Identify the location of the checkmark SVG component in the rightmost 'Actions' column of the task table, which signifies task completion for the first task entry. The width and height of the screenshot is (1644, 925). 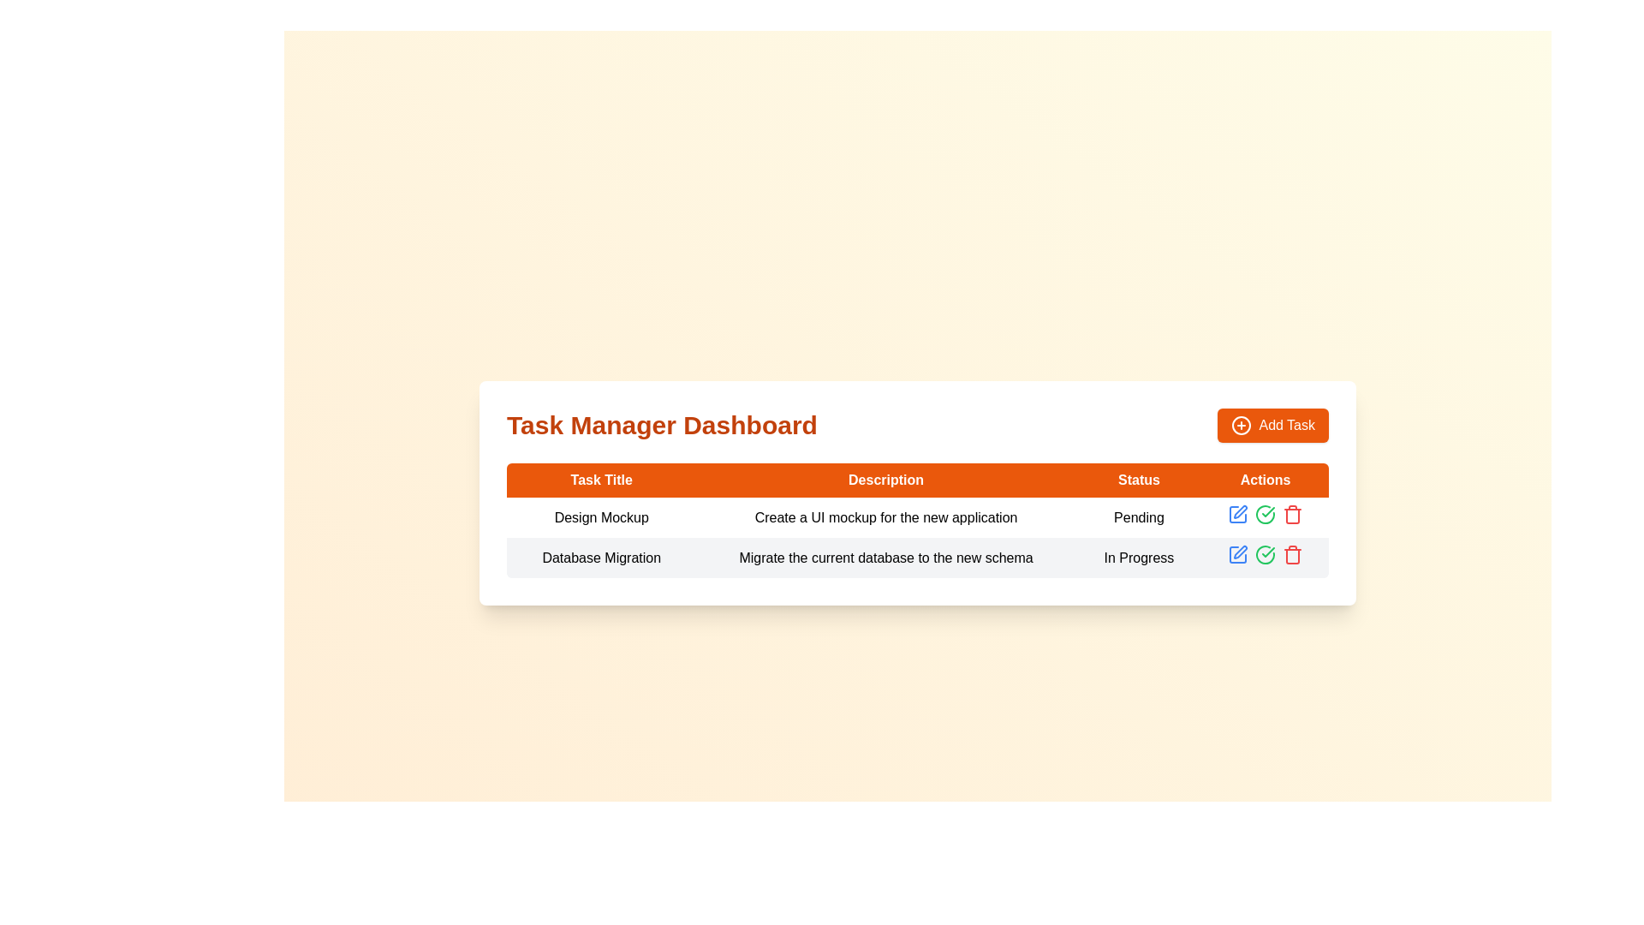
(1268, 552).